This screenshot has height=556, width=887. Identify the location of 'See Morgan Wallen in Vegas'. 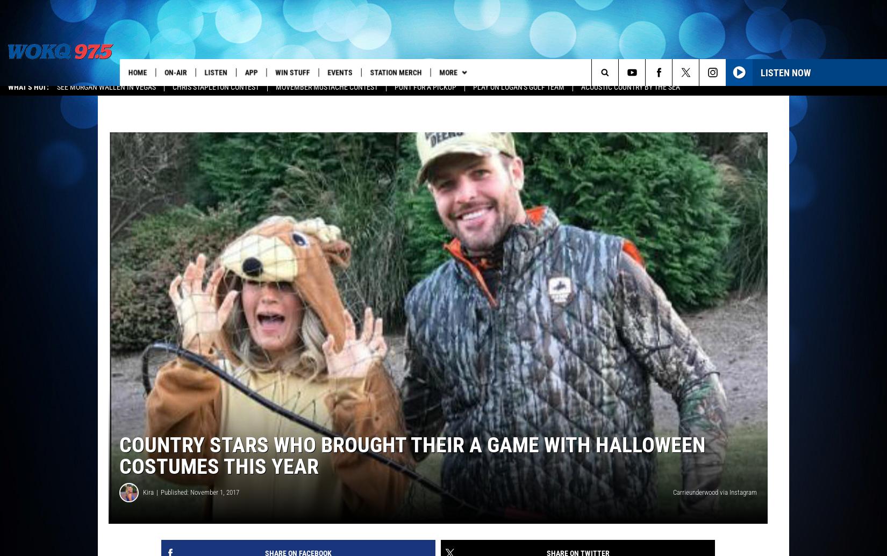
(106, 94).